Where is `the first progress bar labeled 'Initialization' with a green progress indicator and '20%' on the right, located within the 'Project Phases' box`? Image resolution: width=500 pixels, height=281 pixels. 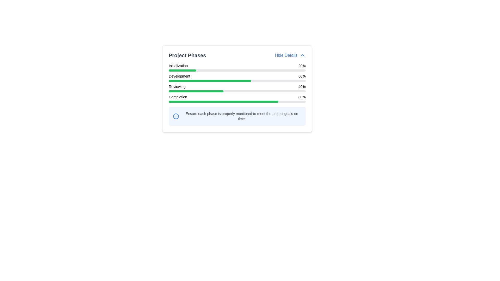
the first progress bar labeled 'Initialization' with a green progress indicator and '20%' on the right, located within the 'Project Phases' box is located at coordinates (237, 67).